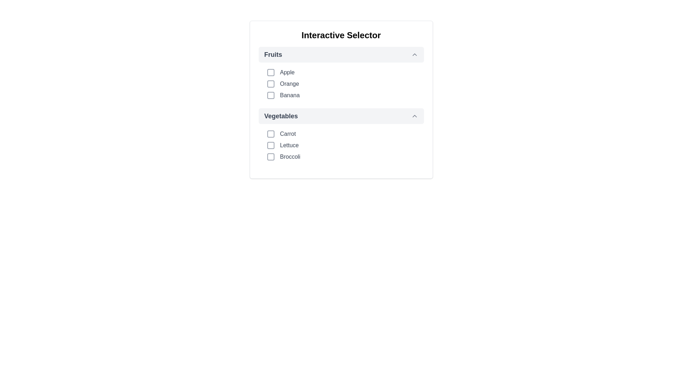 The width and height of the screenshot is (687, 386). Describe the element at coordinates (414, 54) in the screenshot. I see `the chevron-up icon` at that location.